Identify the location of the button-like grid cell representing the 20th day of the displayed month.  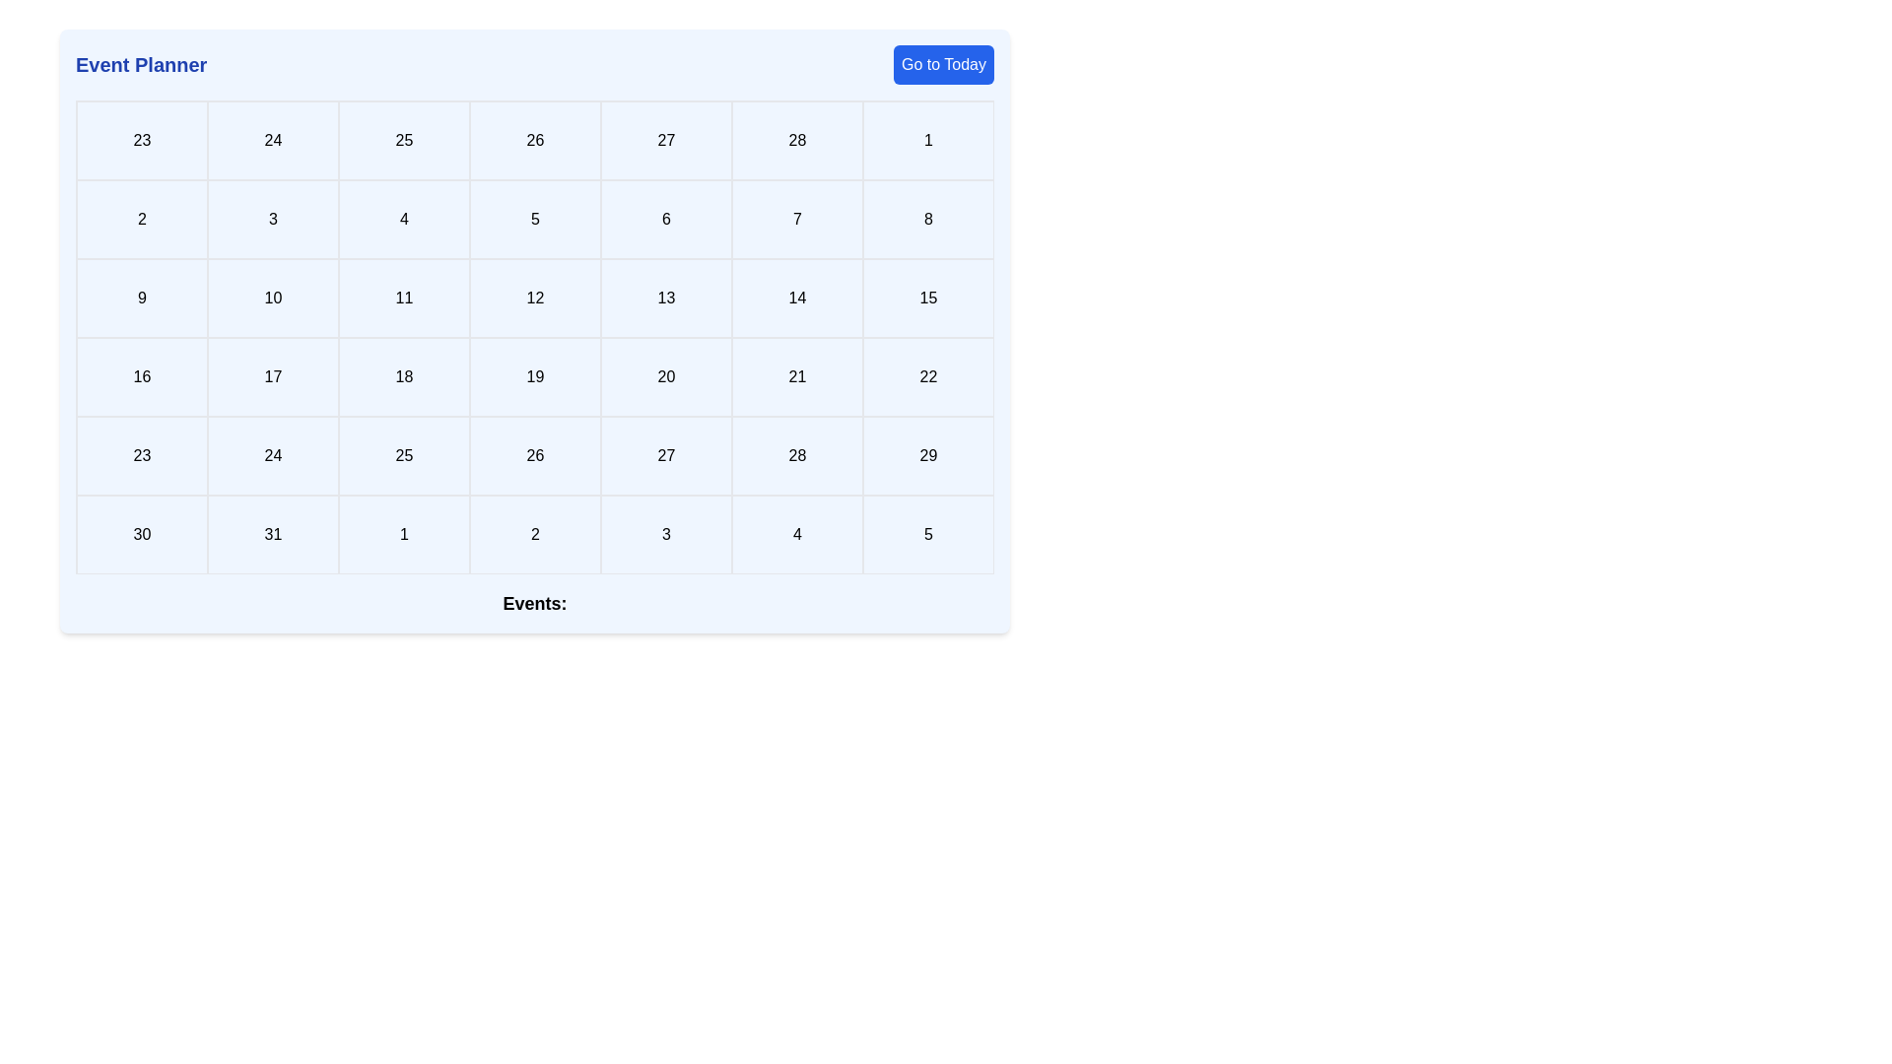
(666, 376).